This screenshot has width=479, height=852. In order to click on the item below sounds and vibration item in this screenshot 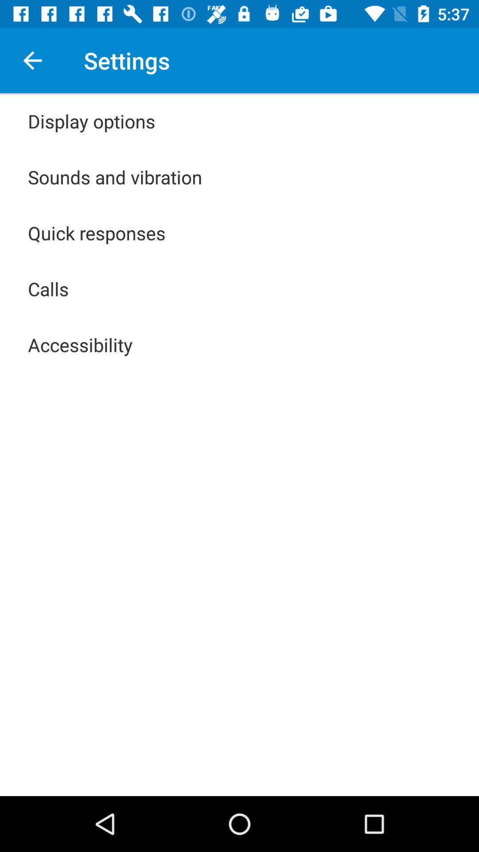, I will do `click(97, 233)`.